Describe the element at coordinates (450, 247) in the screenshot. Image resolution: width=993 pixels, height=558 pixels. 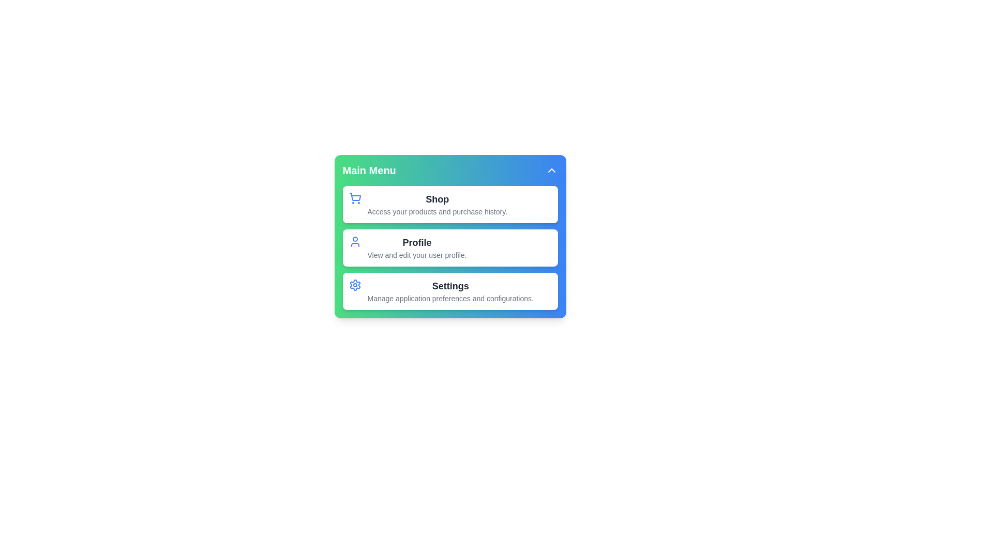
I see `the menu item Profile from the interactive menu` at that location.